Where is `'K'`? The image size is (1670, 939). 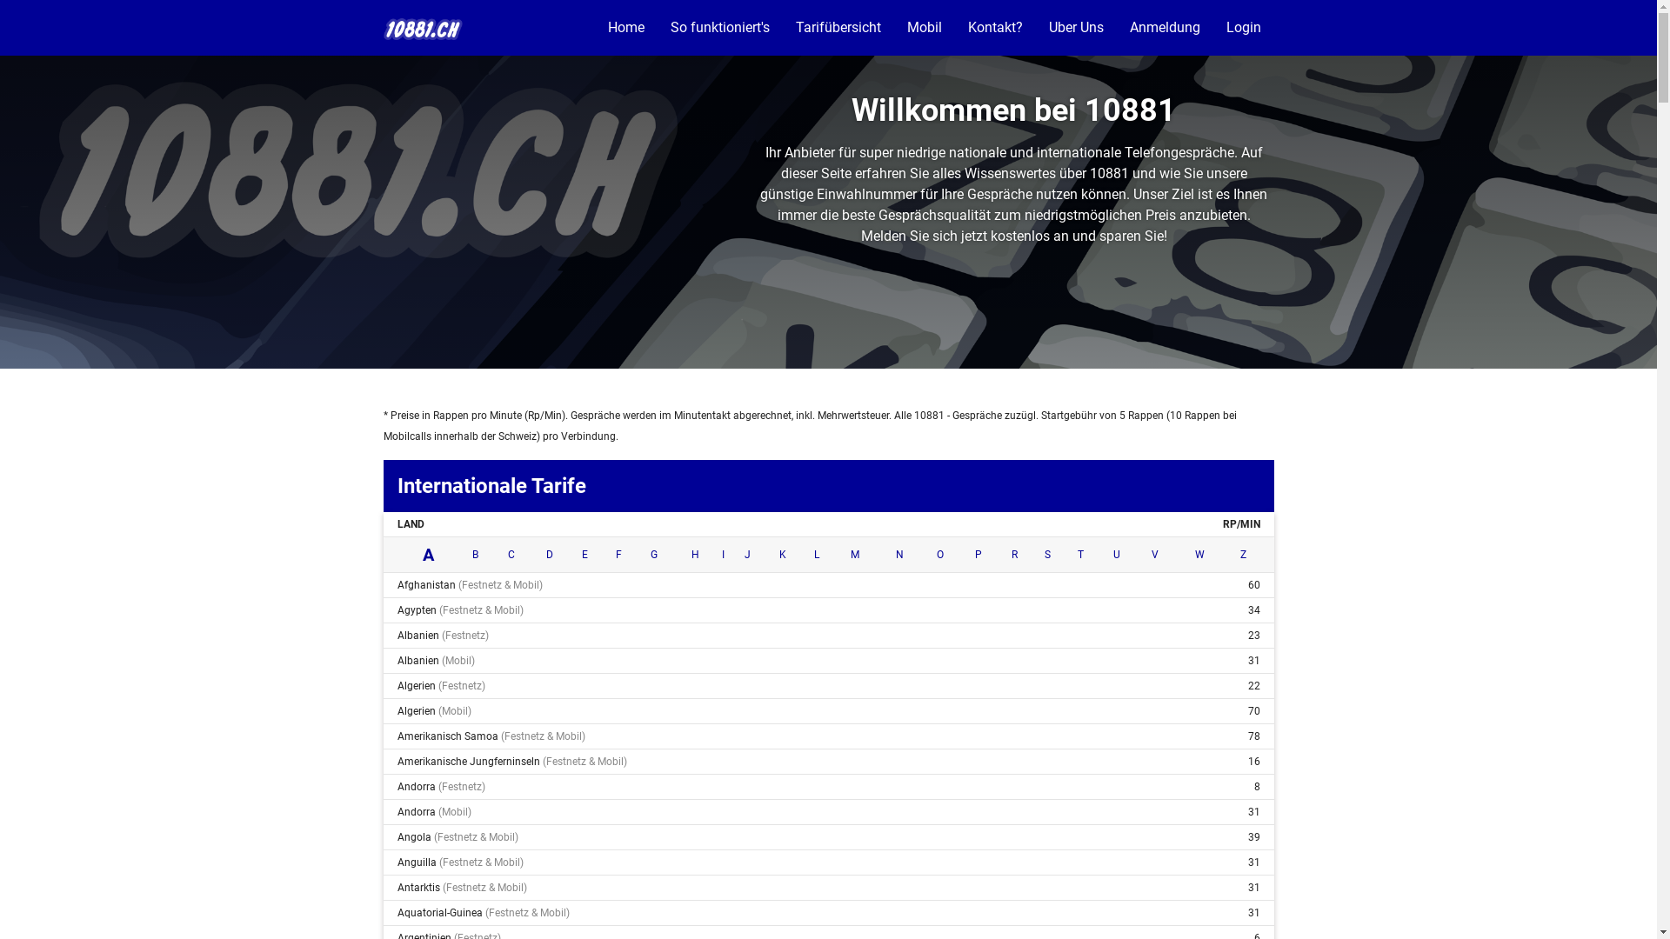
'K' is located at coordinates (782, 554).